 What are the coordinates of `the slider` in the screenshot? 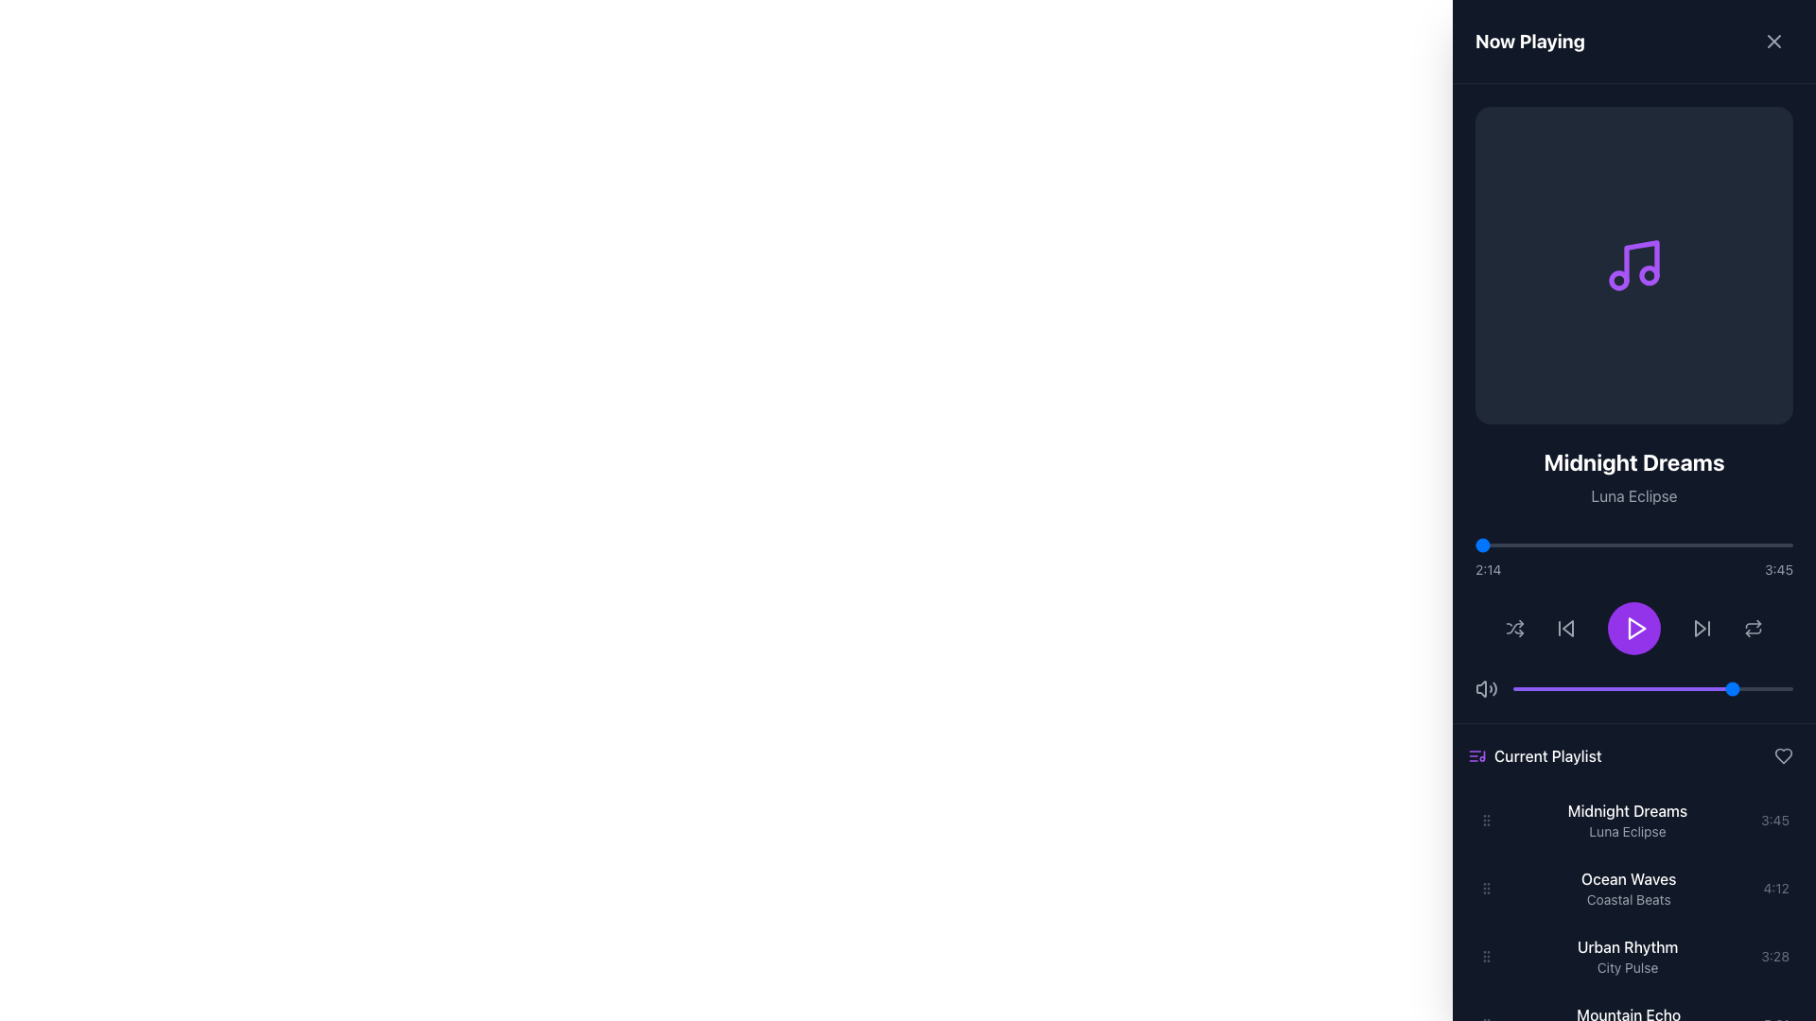 It's located at (1552, 689).